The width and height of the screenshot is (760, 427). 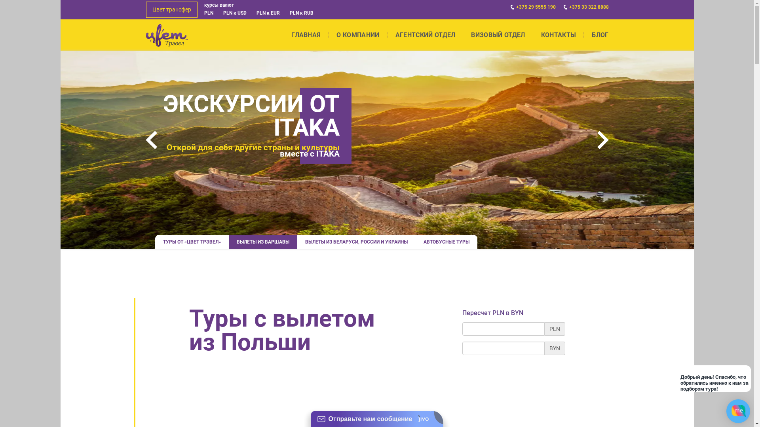 I want to click on '+375 29 5555 190', so click(x=533, y=7).